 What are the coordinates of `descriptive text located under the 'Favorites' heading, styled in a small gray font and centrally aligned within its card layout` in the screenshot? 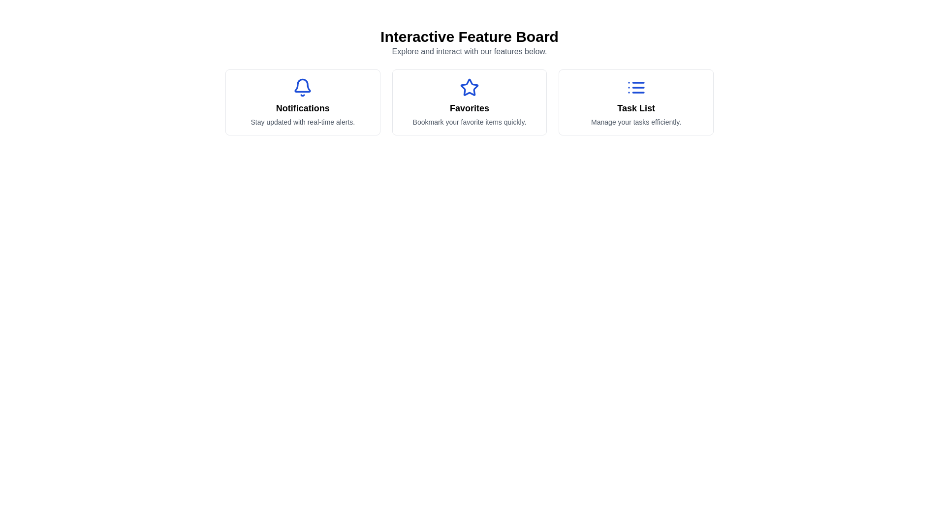 It's located at (469, 121).